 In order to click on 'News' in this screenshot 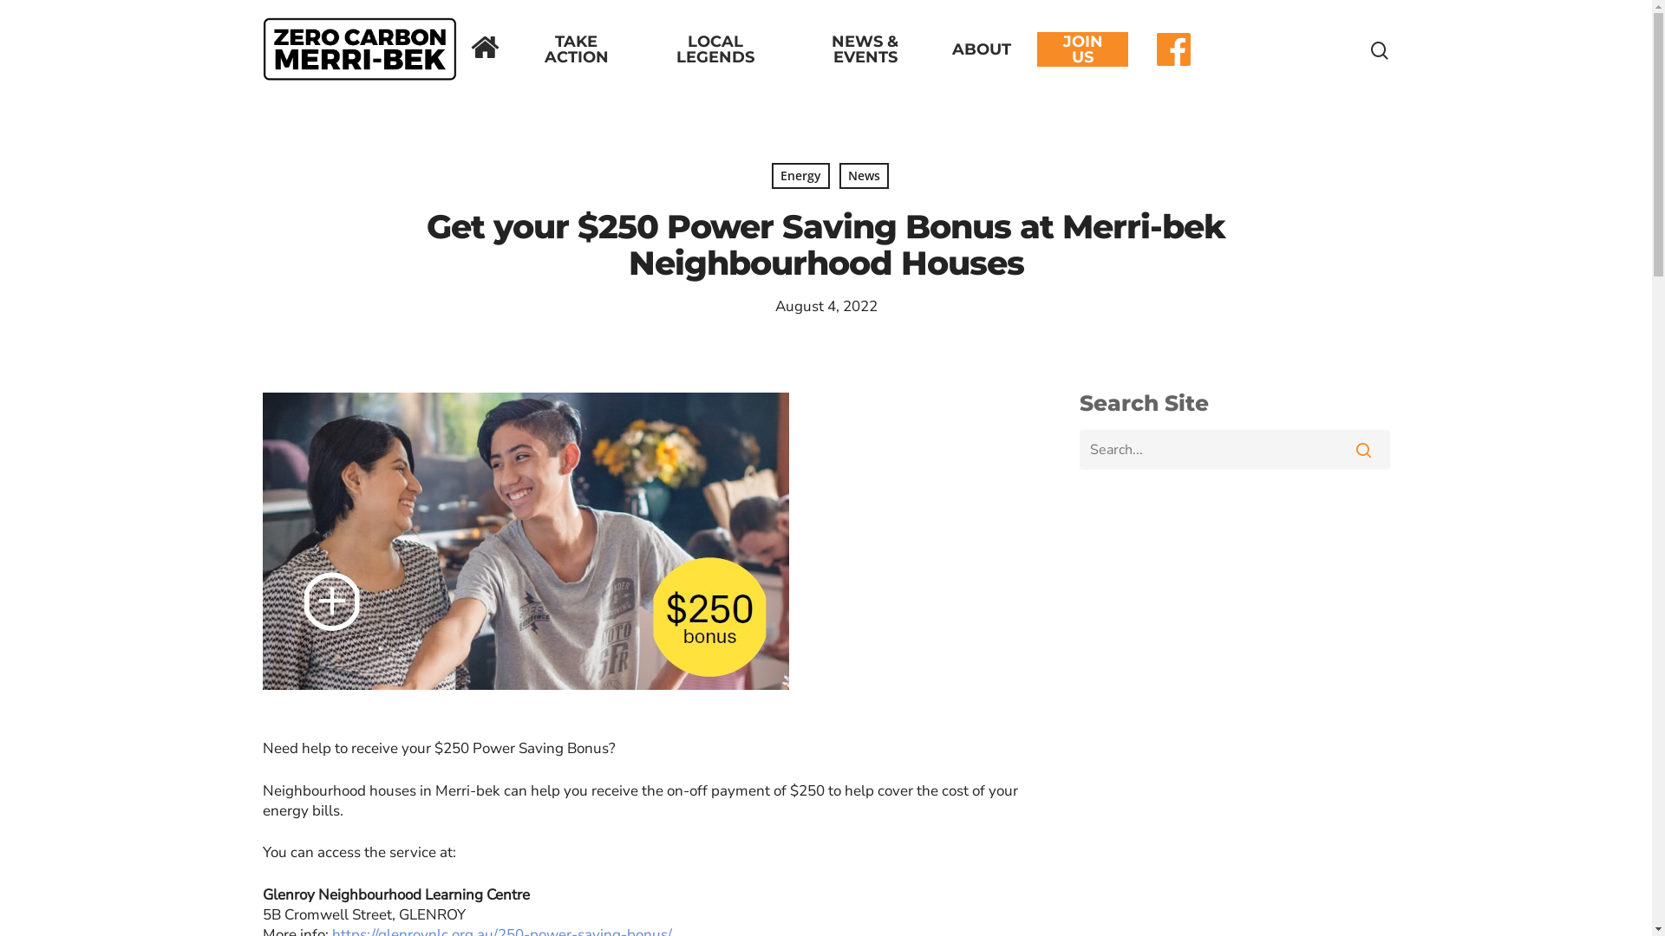, I will do `click(864, 176)`.